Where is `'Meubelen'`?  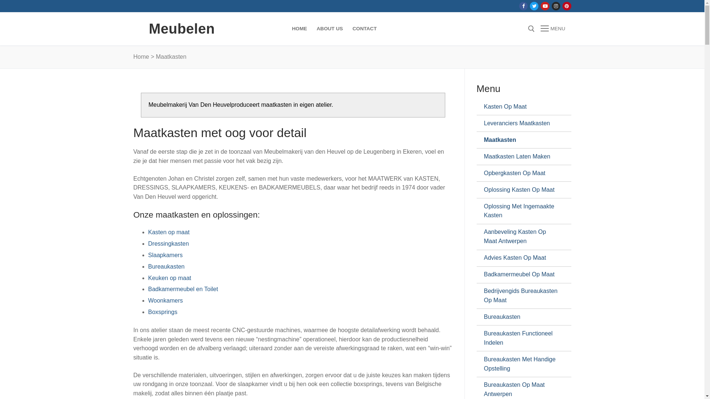 'Meubelen' is located at coordinates (181, 28).